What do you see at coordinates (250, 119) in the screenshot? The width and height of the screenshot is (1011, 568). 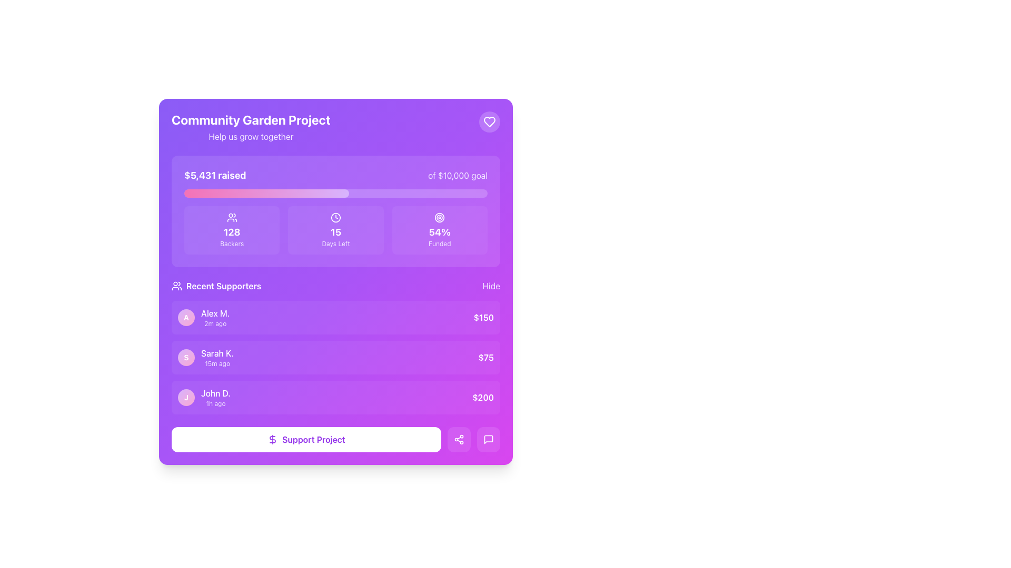 I see `the main title text element located at the top of the purple-styled section` at bounding box center [250, 119].